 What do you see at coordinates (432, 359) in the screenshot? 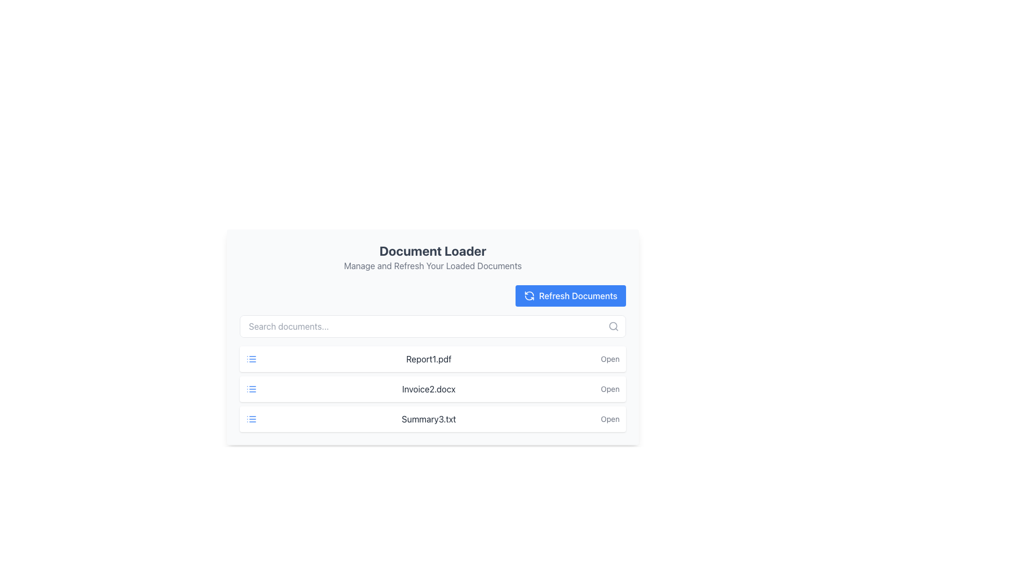
I see `the list item displaying 'Report1.pdf' with the accompanying 'Open' link, located in the first row under the 'Document Loader' section` at bounding box center [432, 359].